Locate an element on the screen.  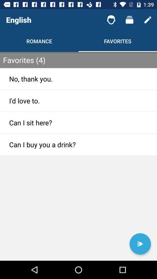
item to the right of english is located at coordinates (111, 20).